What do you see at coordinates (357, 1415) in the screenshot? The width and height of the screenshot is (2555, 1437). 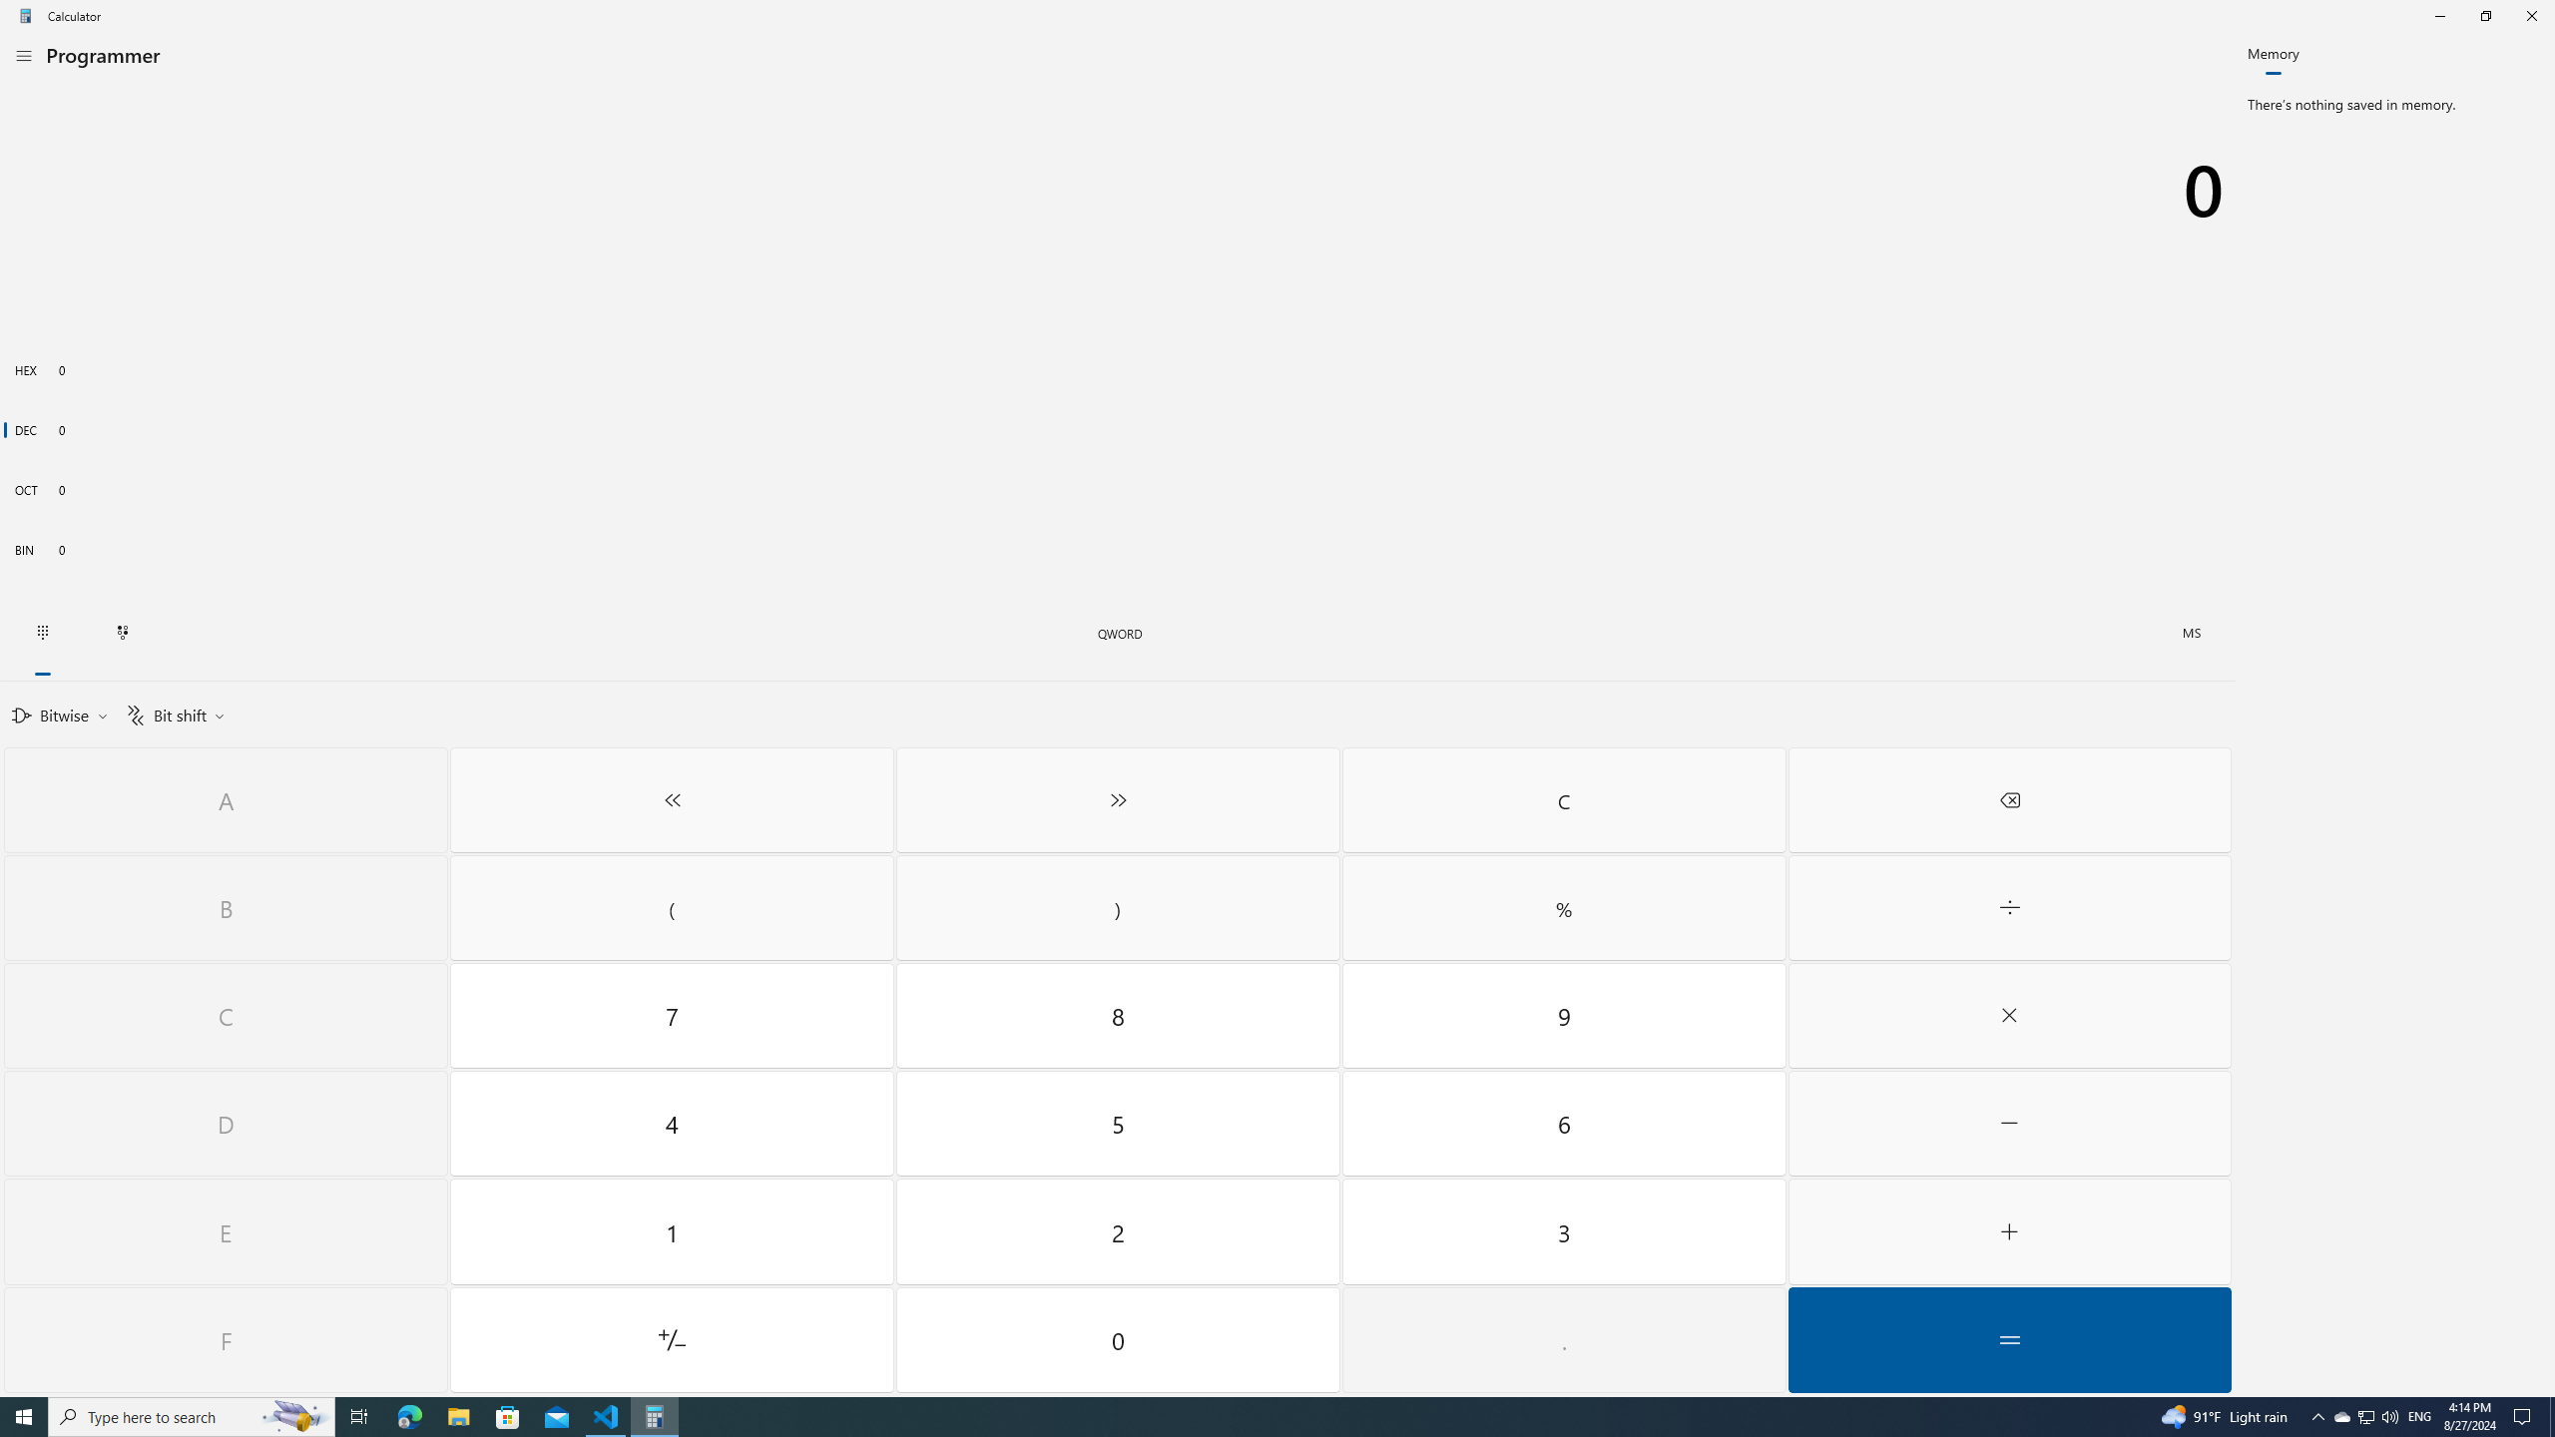 I see `'Task View'` at bounding box center [357, 1415].